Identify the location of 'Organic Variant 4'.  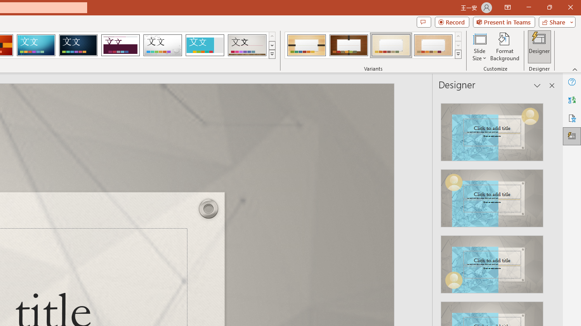
(433, 45).